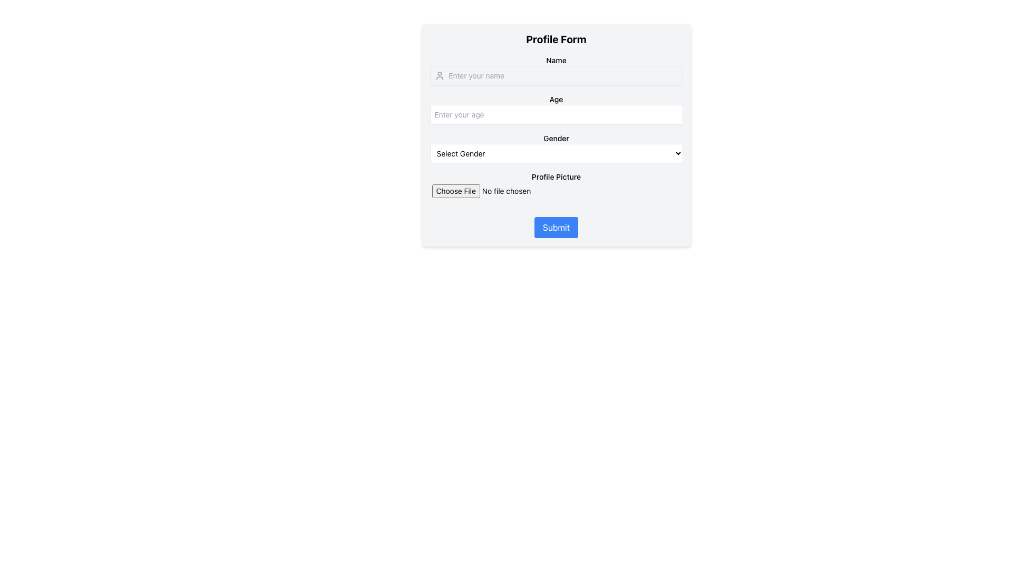 Image resolution: width=1012 pixels, height=569 pixels. What do you see at coordinates (556, 185) in the screenshot?
I see `and drop a file into the 'Profile Picture' file input field, which is centrally located in the form and follows the 'Gender' field` at bounding box center [556, 185].